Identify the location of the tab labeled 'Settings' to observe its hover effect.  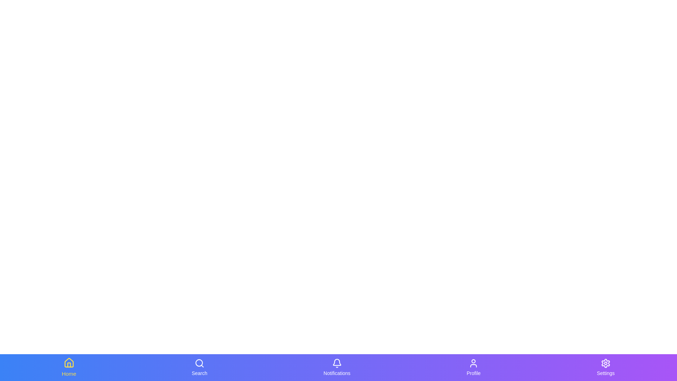
(605, 367).